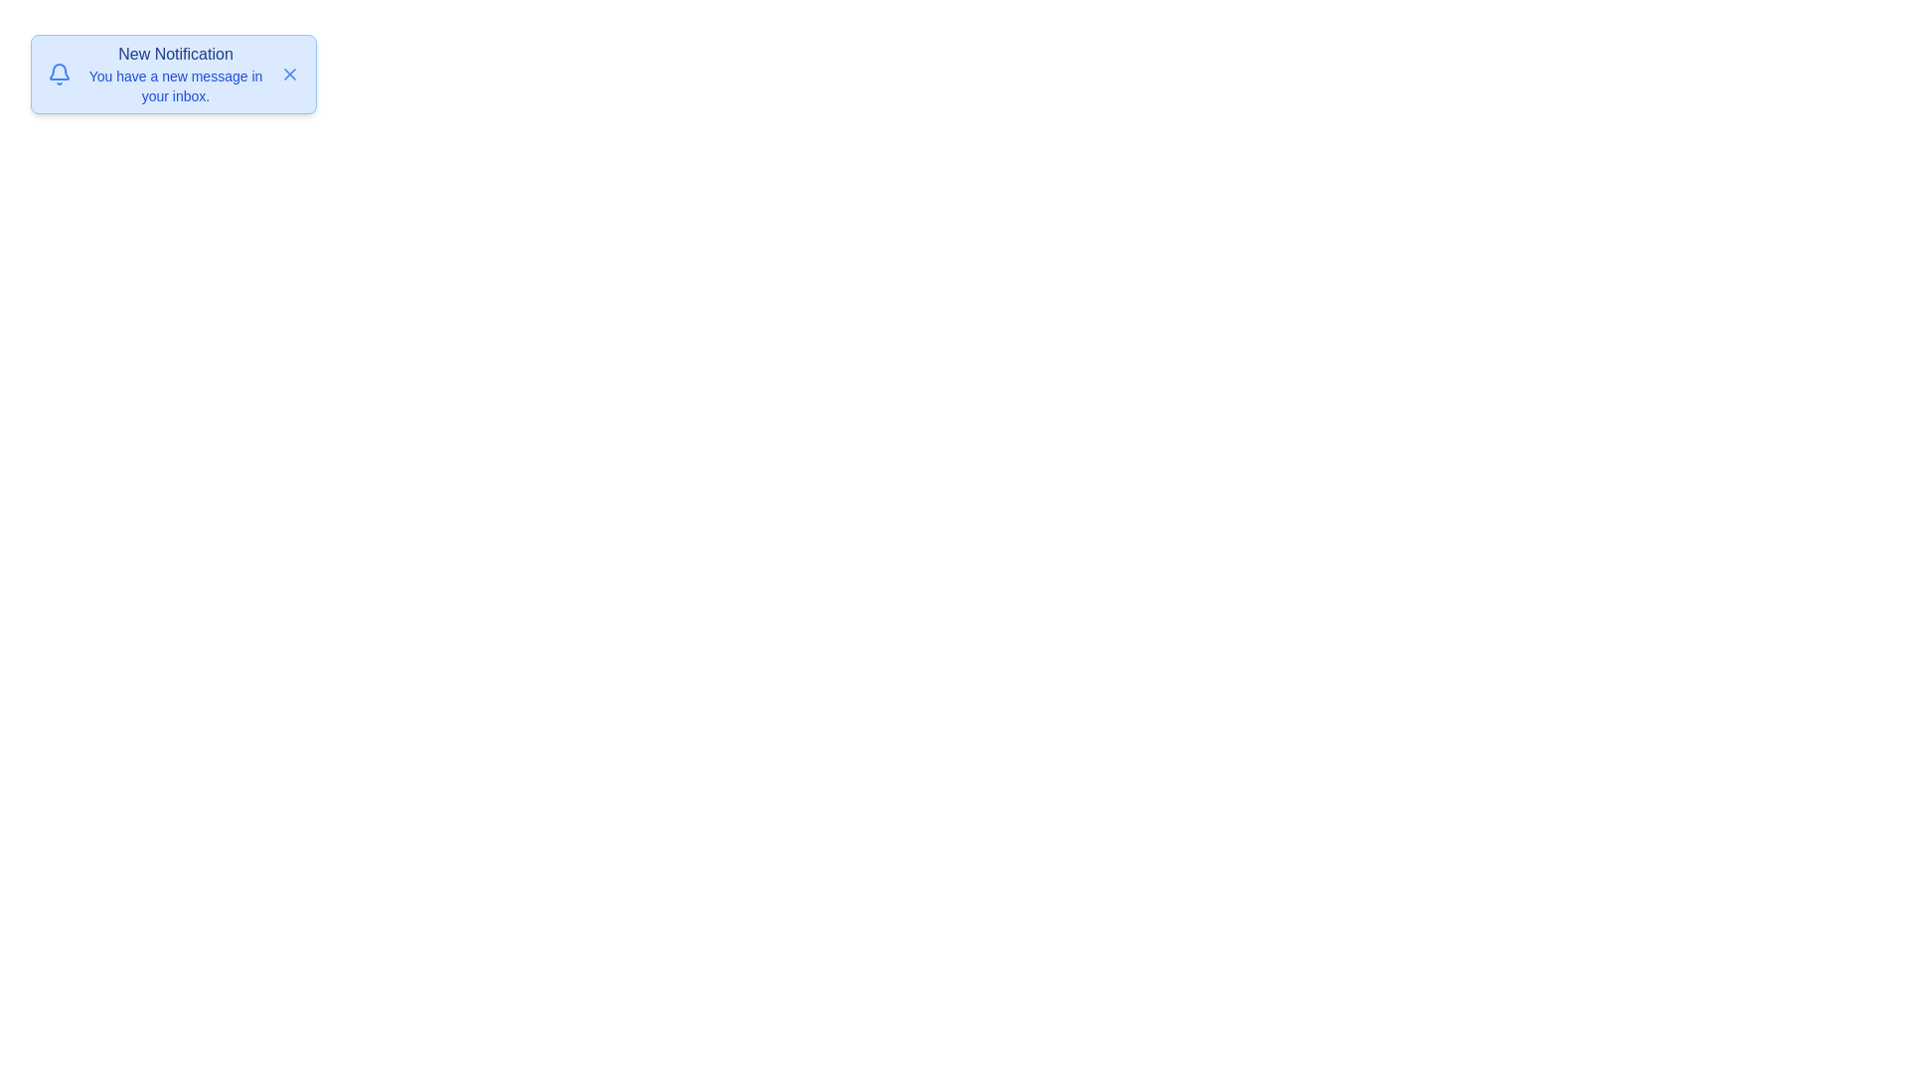  What do you see at coordinates (176, 73) in the screenshot?
I see `text content of the notification box displaying 'New Notification' and 'You have a new message in your inbox'` at bounding box center [176, 73].